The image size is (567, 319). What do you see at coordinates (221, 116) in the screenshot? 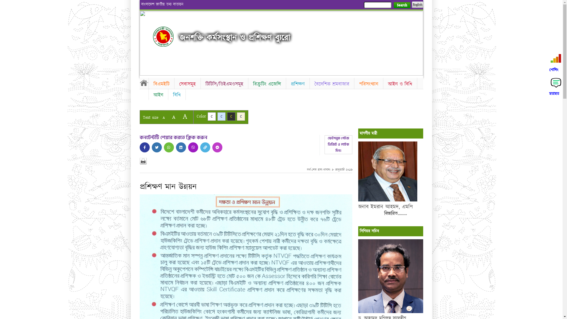
I see `'C'` at bounding box center [221, 116].